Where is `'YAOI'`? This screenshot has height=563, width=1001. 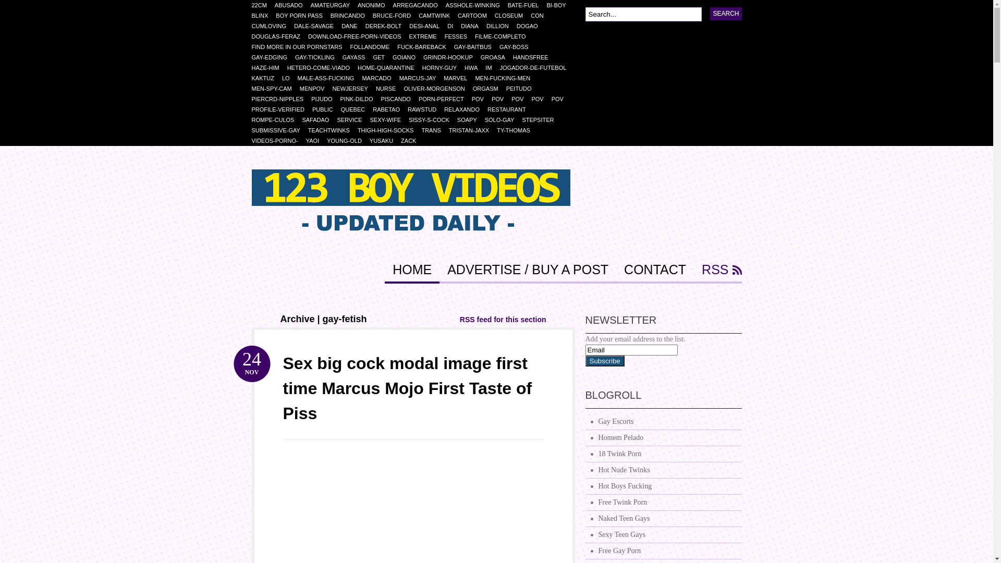
'YAOI' is located at coordinates (315, 141).